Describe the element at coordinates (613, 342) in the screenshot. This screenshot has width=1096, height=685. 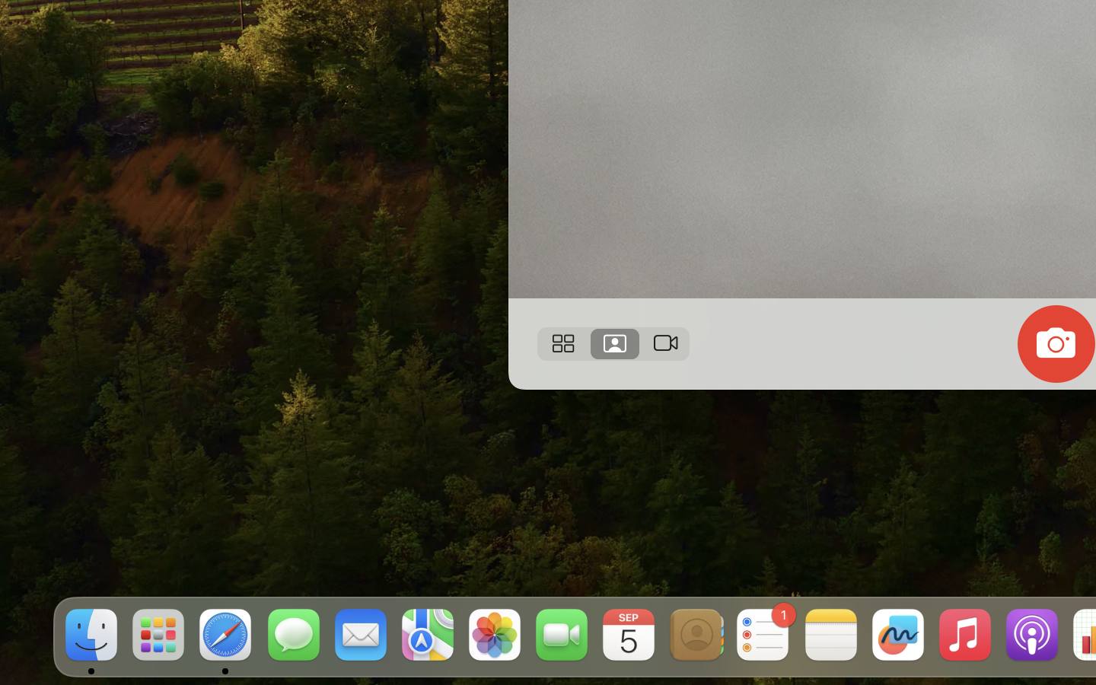
I see `'<AXUIElement 0x286e97060> {pid=1653}'` at that location.